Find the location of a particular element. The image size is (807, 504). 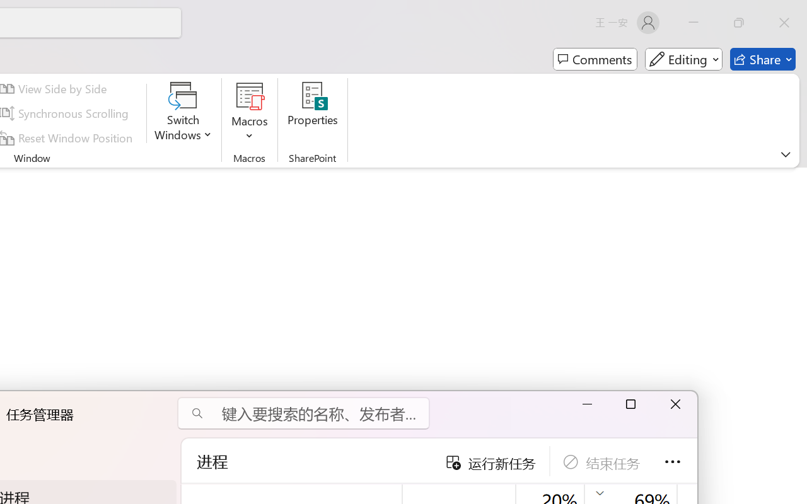

'Ribbon Display Options' is located at coordinates (785, 154).